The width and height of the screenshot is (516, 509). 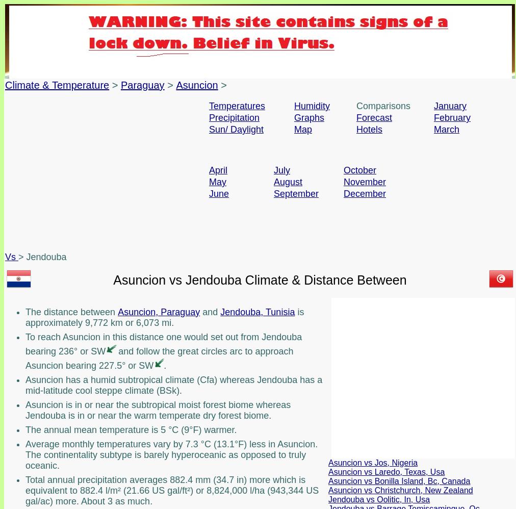 I want to click on 'Map', so click(x=302, y=129).